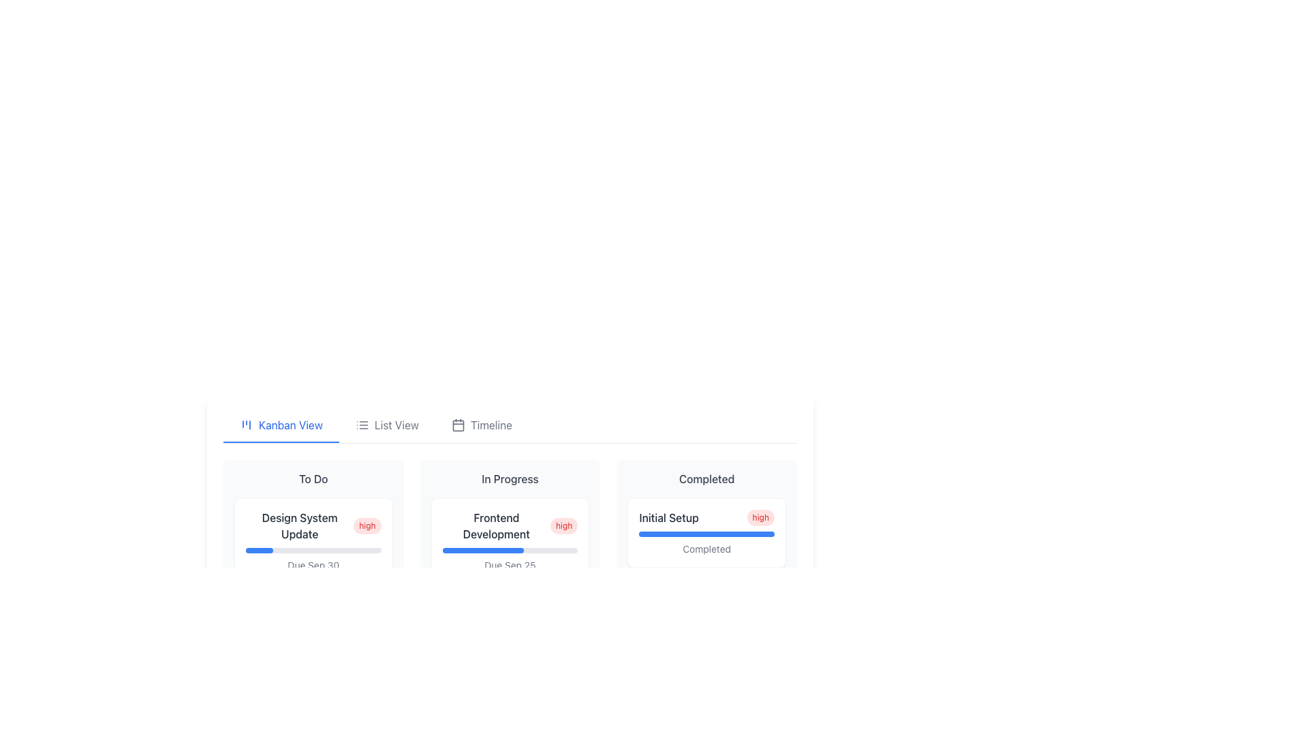  What do you see at coordinates (458, 425) in the screenshot?
I see `the small calendar icon in the navigation bar, which is the leftmost item associated with the 'Timeline' label, positioned between 'Kanban View' and 'List View'` at bounding box center [458, 425].